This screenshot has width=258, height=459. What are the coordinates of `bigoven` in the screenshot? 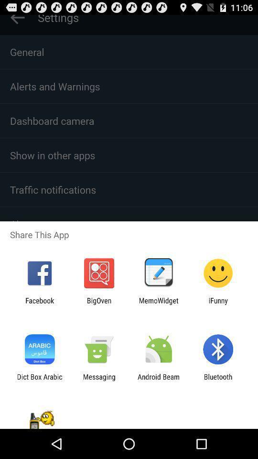 It's located at (98, 304).